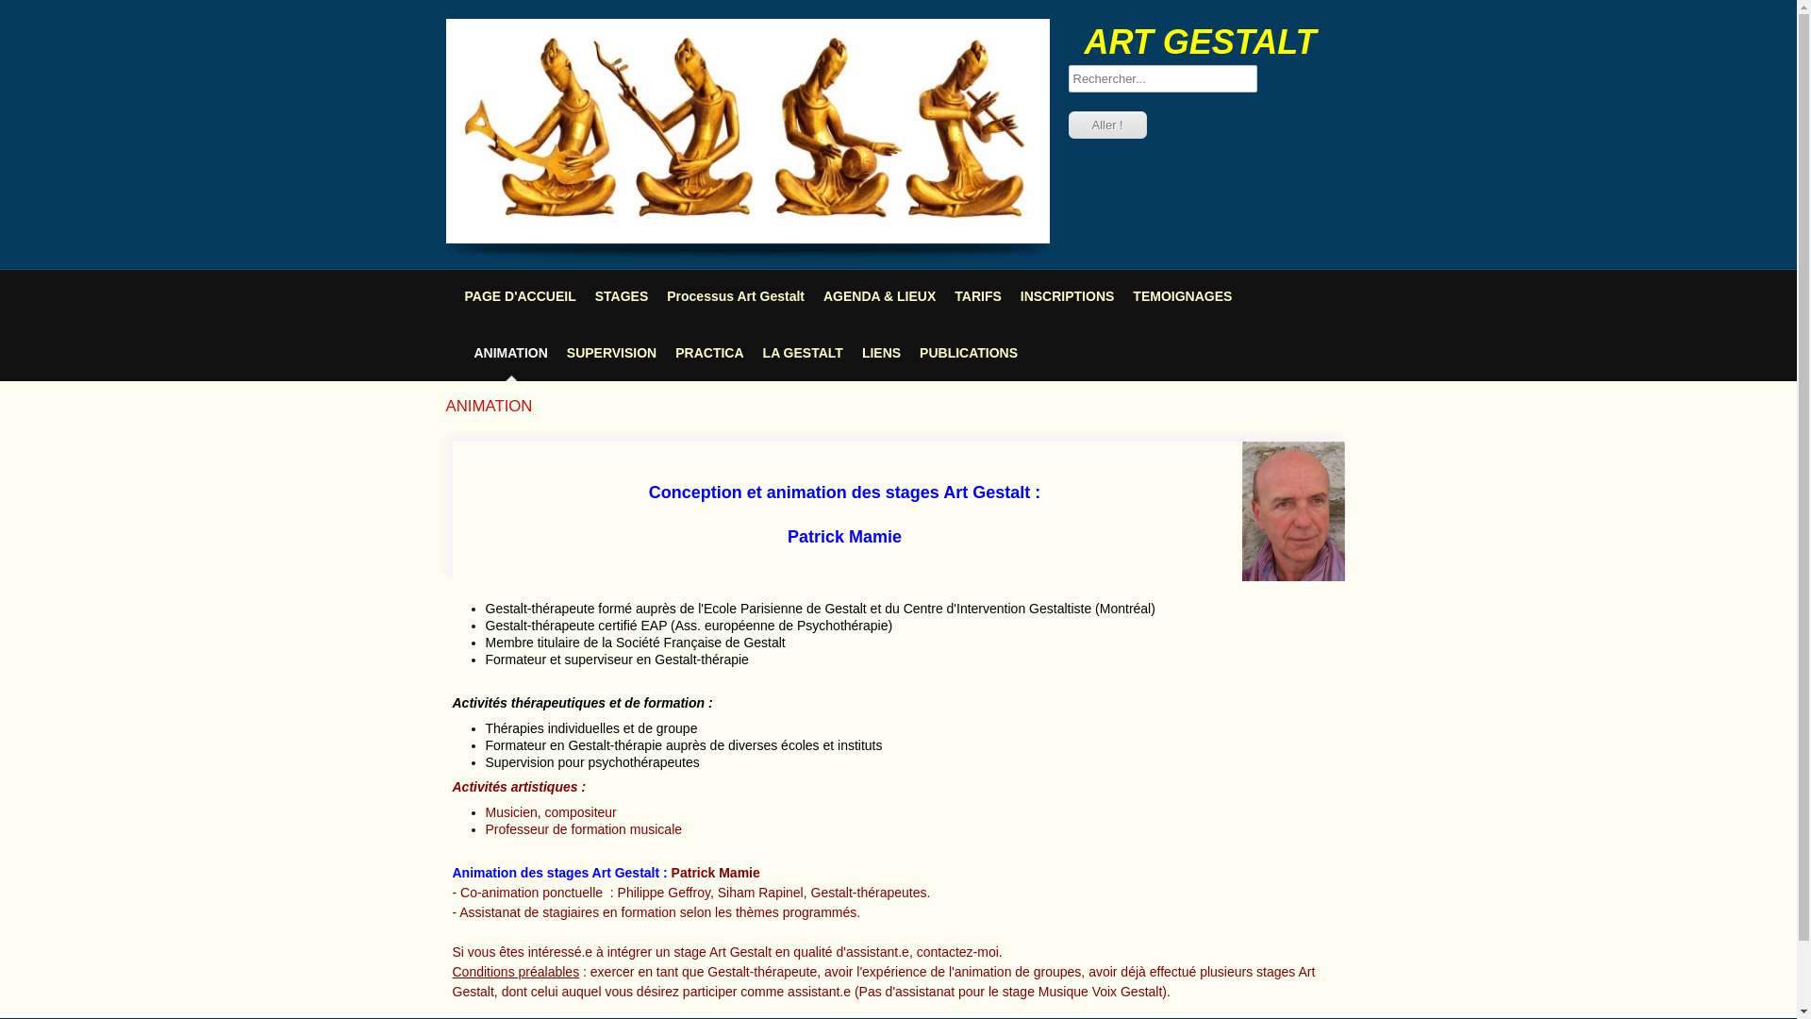  Describe the element at coordinates (1181, 295) in the screenshot. I see `'TEMOIGNAGES'` at that location.